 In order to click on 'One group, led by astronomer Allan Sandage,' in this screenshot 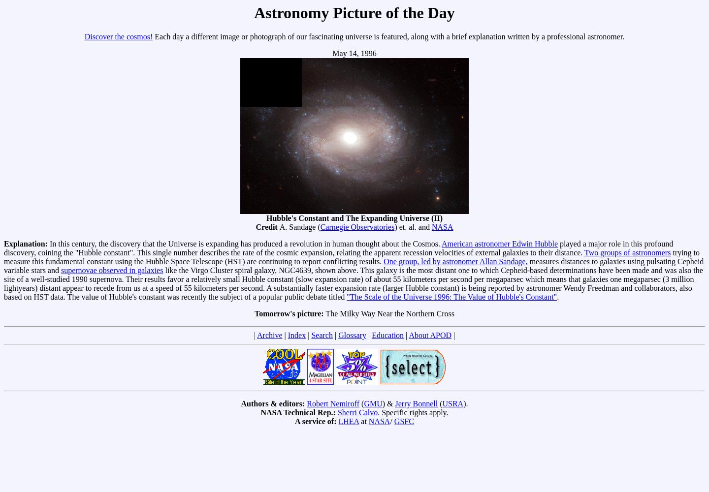, I will do `click(383, 261)`.